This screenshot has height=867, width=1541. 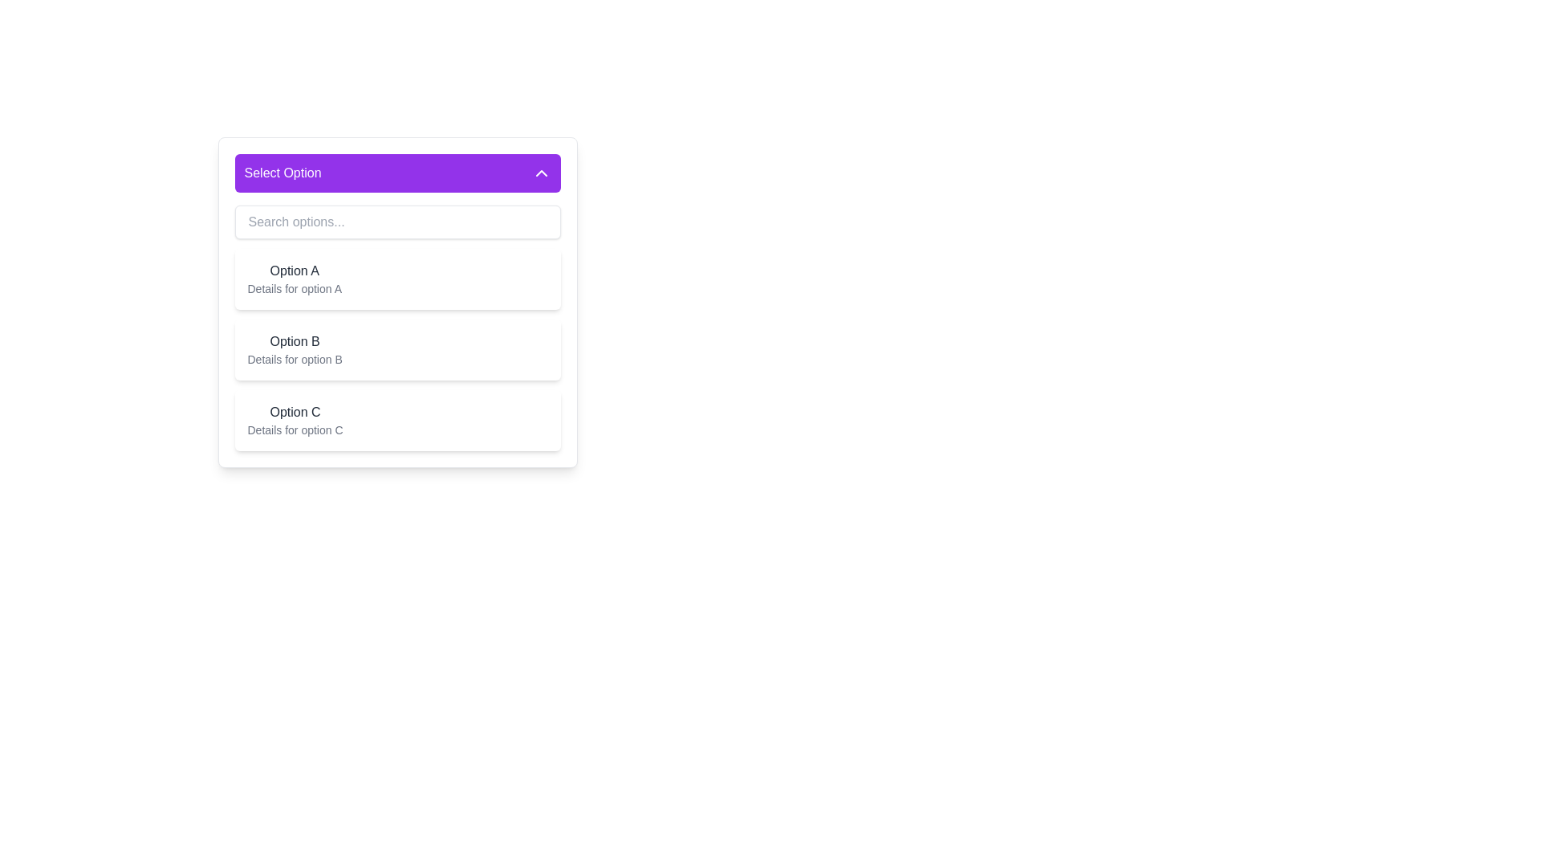 What do you see at coordinates (397, 348) in the screenshot?
I see `the 'Option B' selection card in the dropdown list` at bounding box center [397, 348].